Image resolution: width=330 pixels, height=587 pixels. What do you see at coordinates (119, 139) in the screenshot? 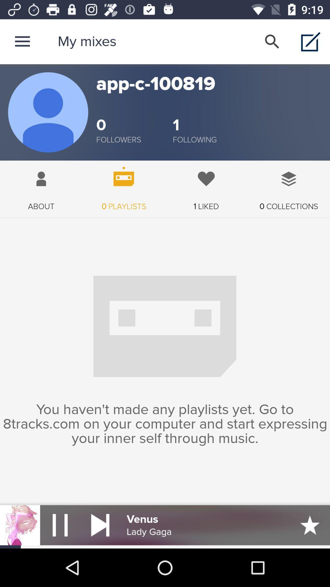
I see `followers item` at bounding box center [119, 139].